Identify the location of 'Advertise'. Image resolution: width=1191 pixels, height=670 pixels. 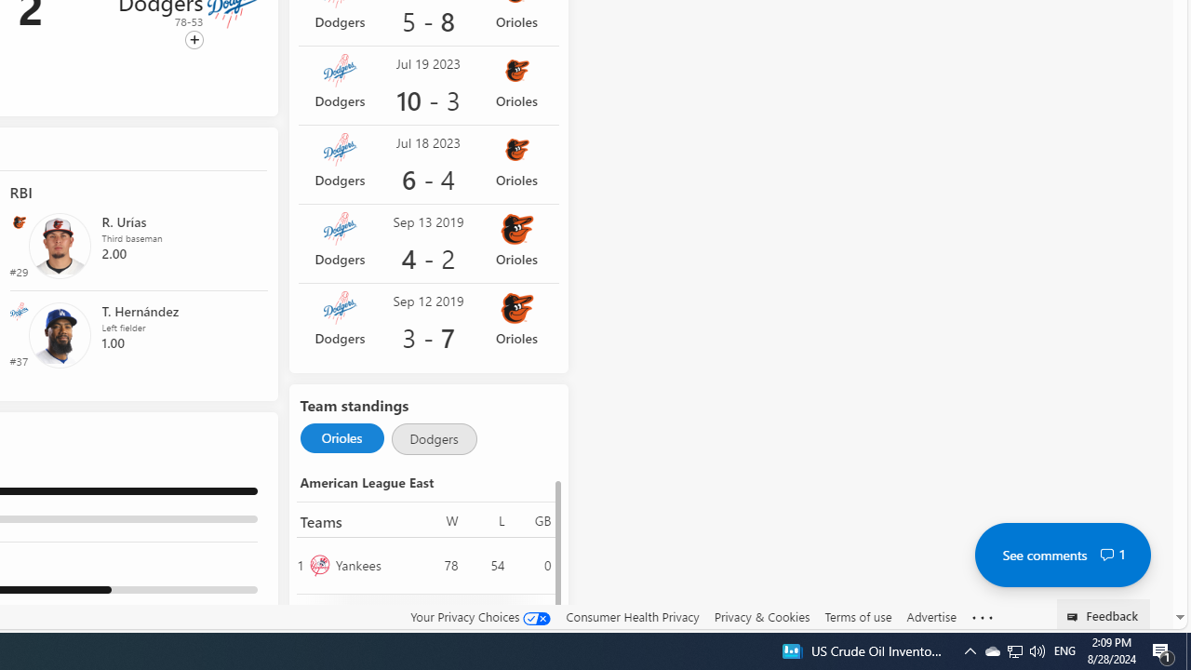
(930, 616).